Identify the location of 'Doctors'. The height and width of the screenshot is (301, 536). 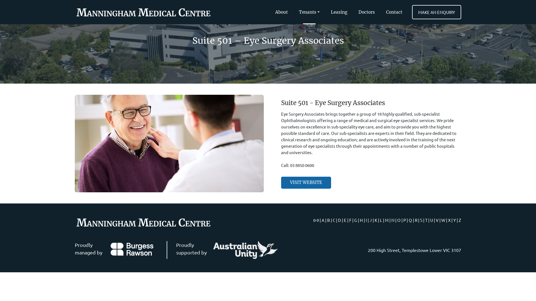
(352, 12).